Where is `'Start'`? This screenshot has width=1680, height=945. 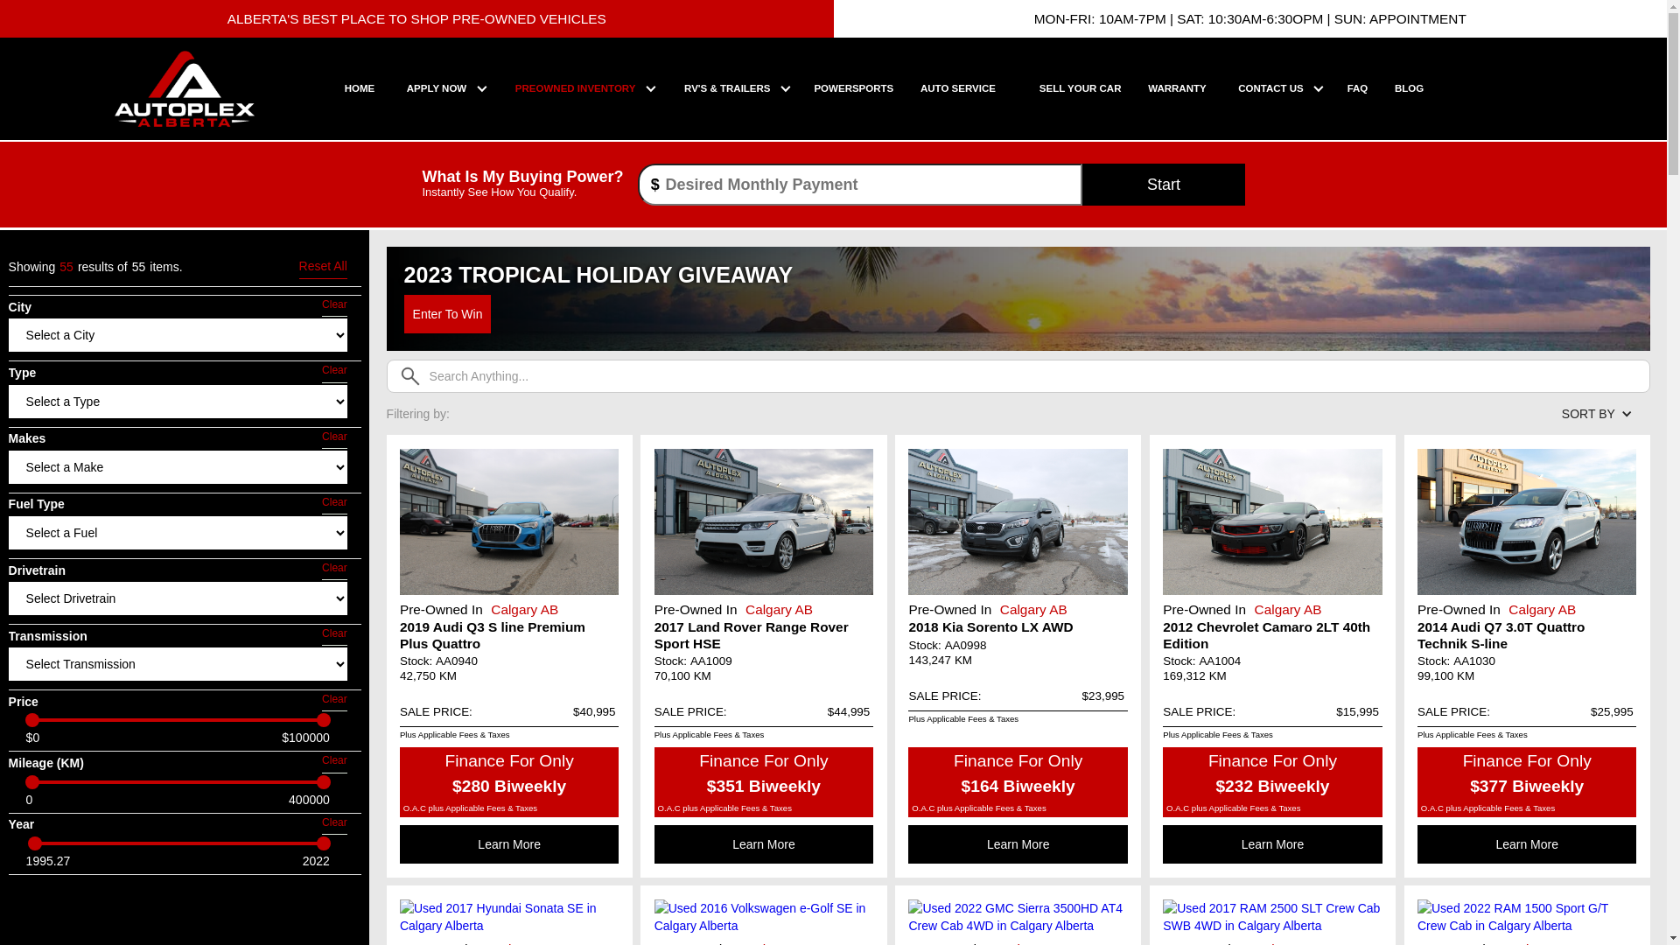 'Start' is located at coordinates (1163, 185).